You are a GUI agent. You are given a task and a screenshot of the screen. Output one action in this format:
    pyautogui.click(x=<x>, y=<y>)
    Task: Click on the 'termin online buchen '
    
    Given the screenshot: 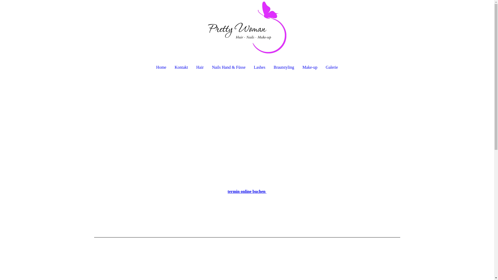 What is the action you would take?
    pyautogui.click(x=247, y=191)
    